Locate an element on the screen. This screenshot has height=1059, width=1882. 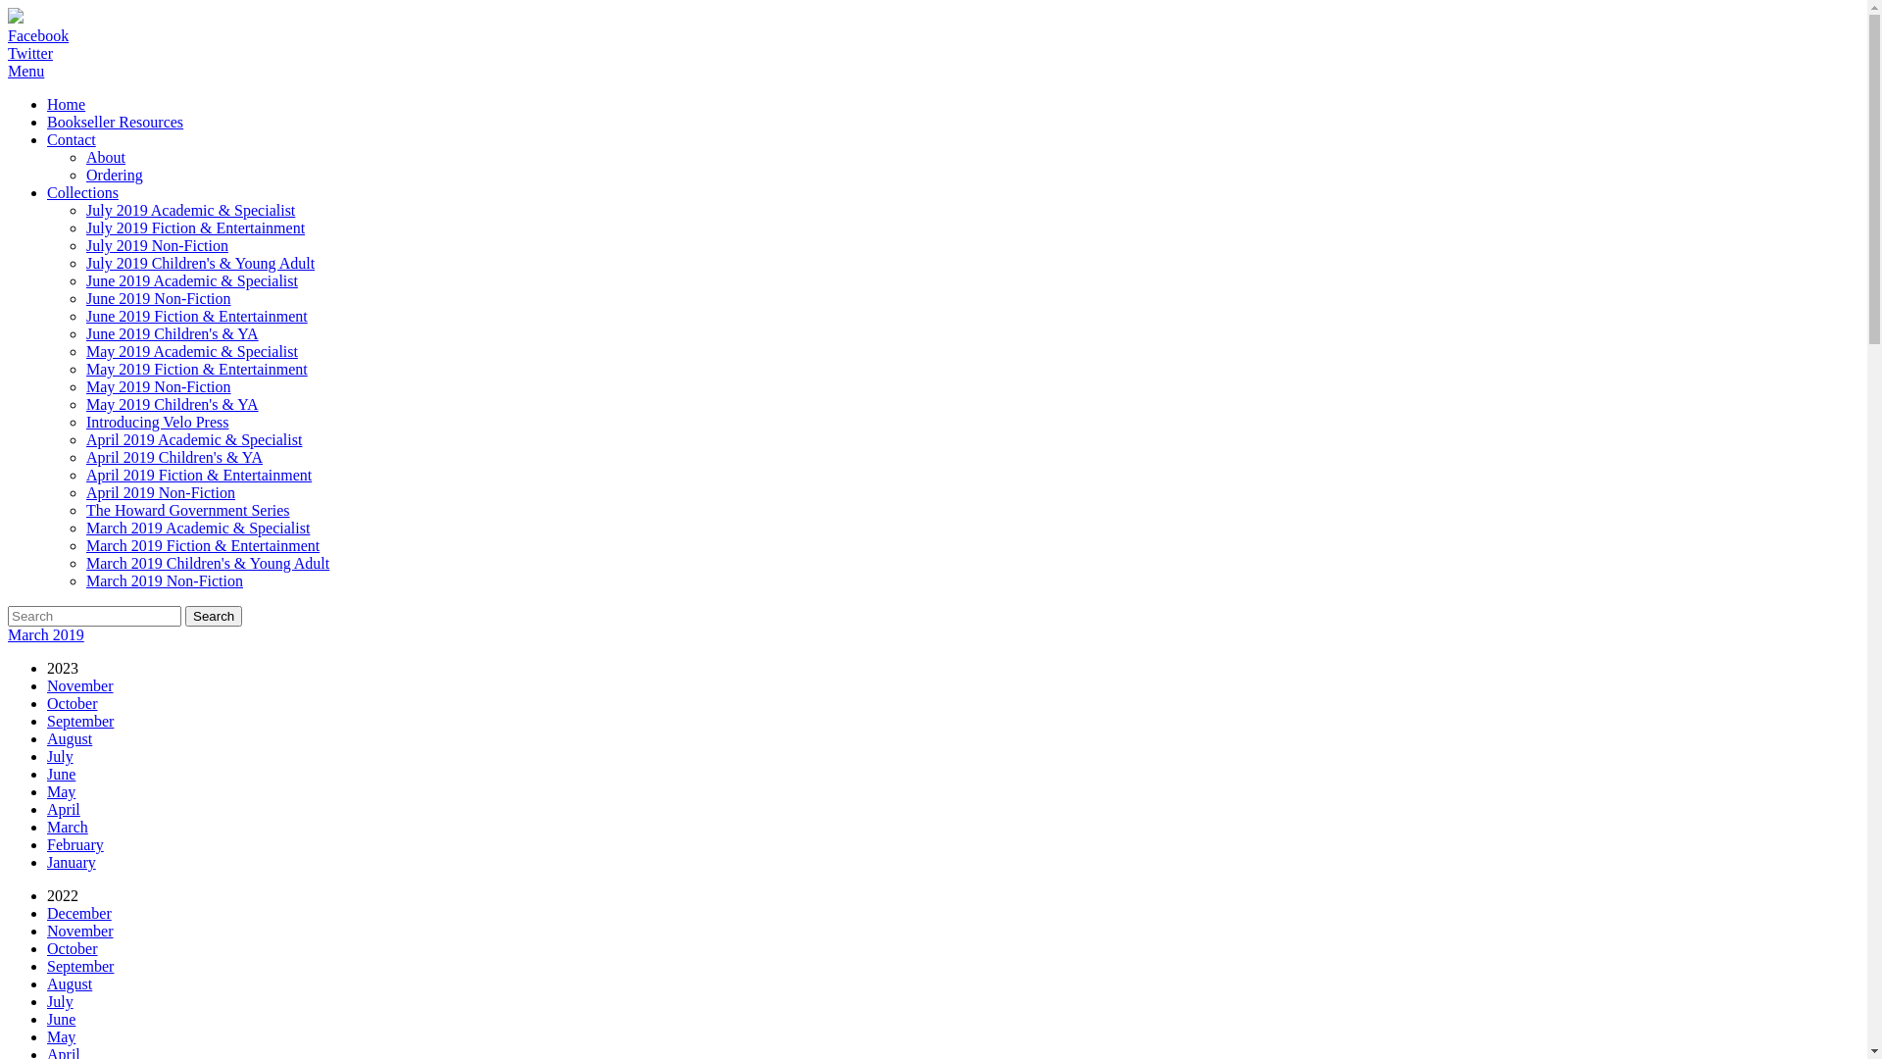
'June' is located at coordinates (47, 773).